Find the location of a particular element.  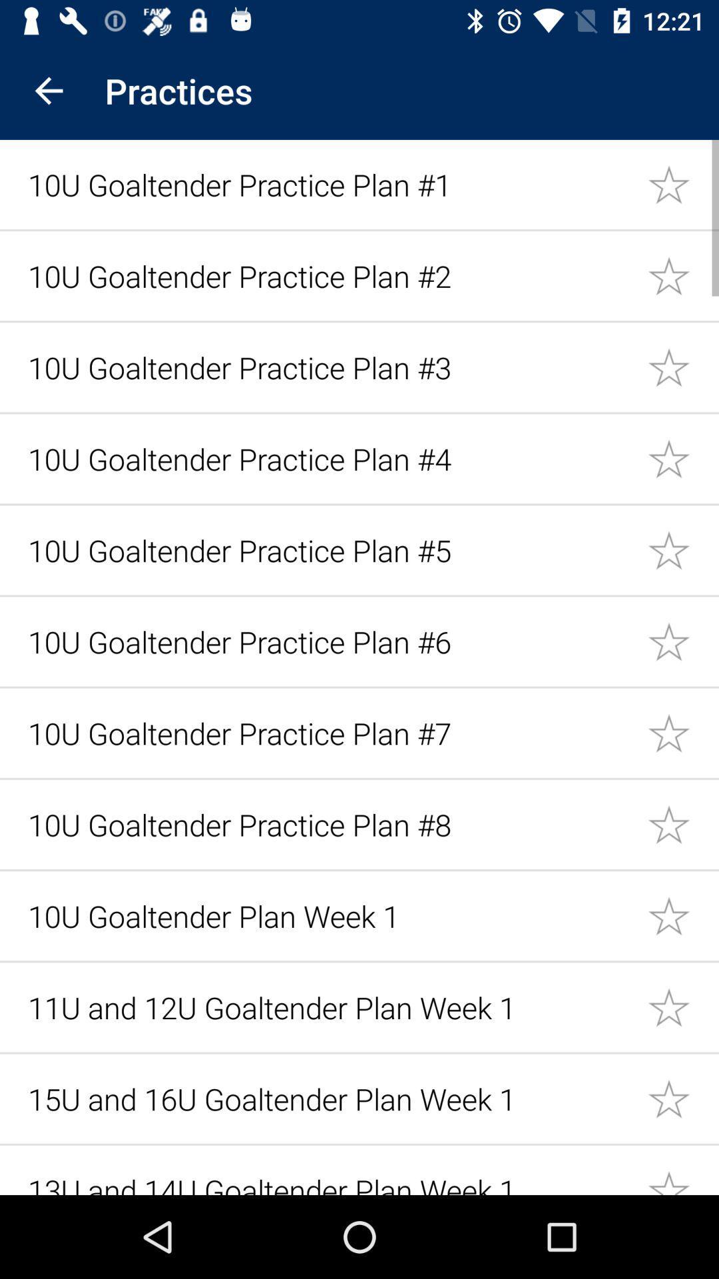

to favorites is located at coordinates (683, 367).